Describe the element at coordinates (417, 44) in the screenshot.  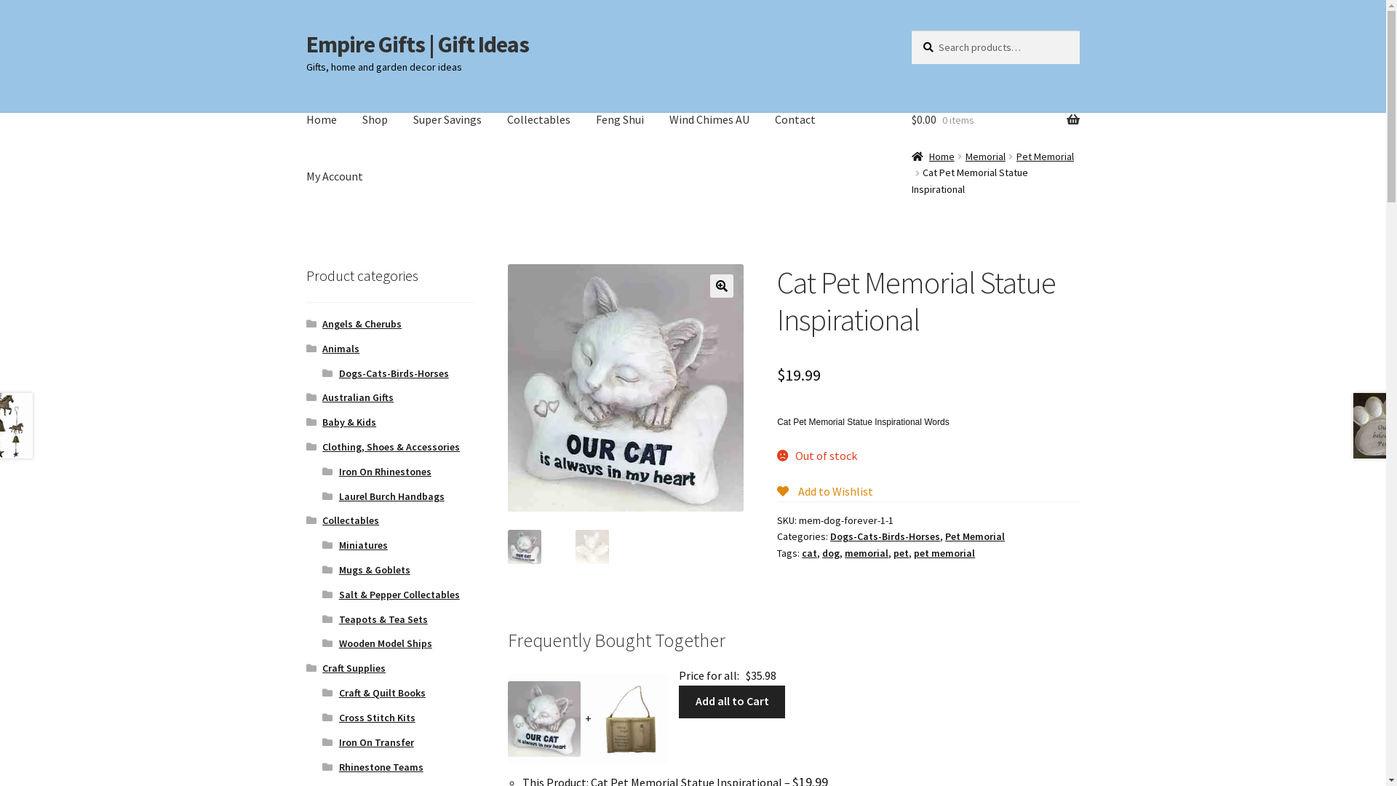
I see `'Empire Gifts | Gift Ideas'` at that location.